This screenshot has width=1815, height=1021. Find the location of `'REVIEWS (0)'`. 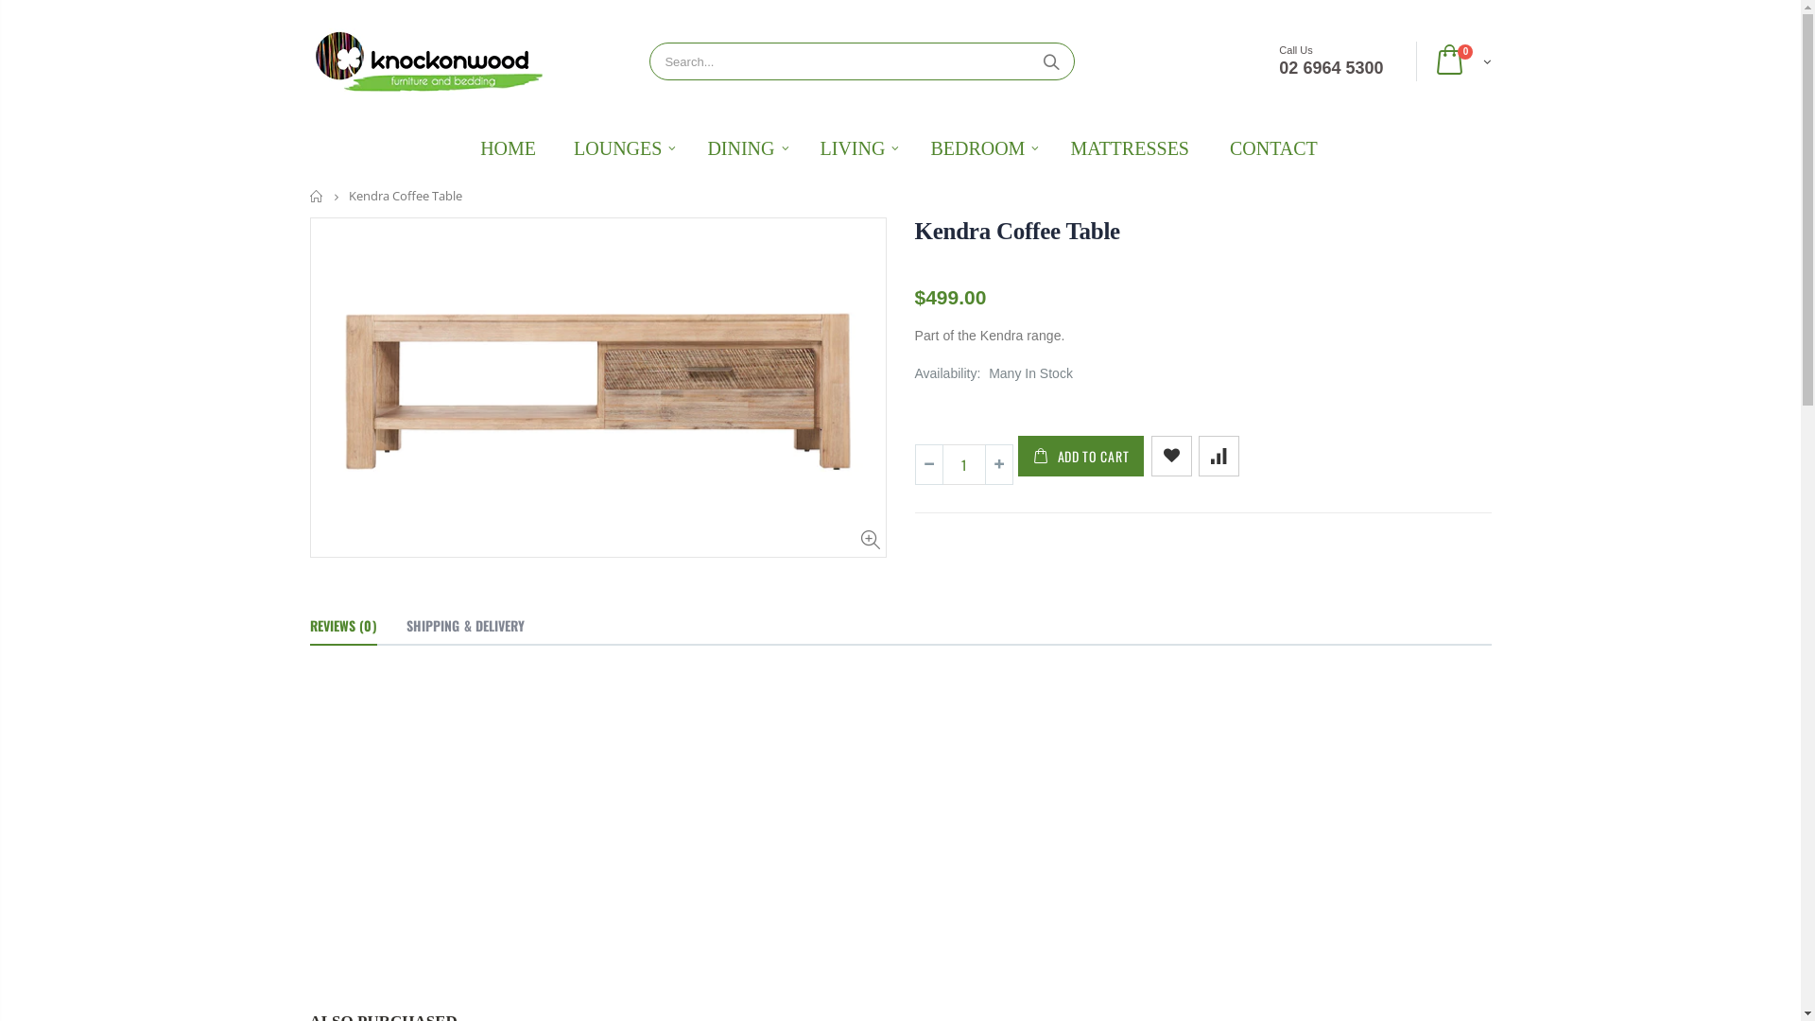

'REVIEWS (0)' is located at coordinates (343, 627).